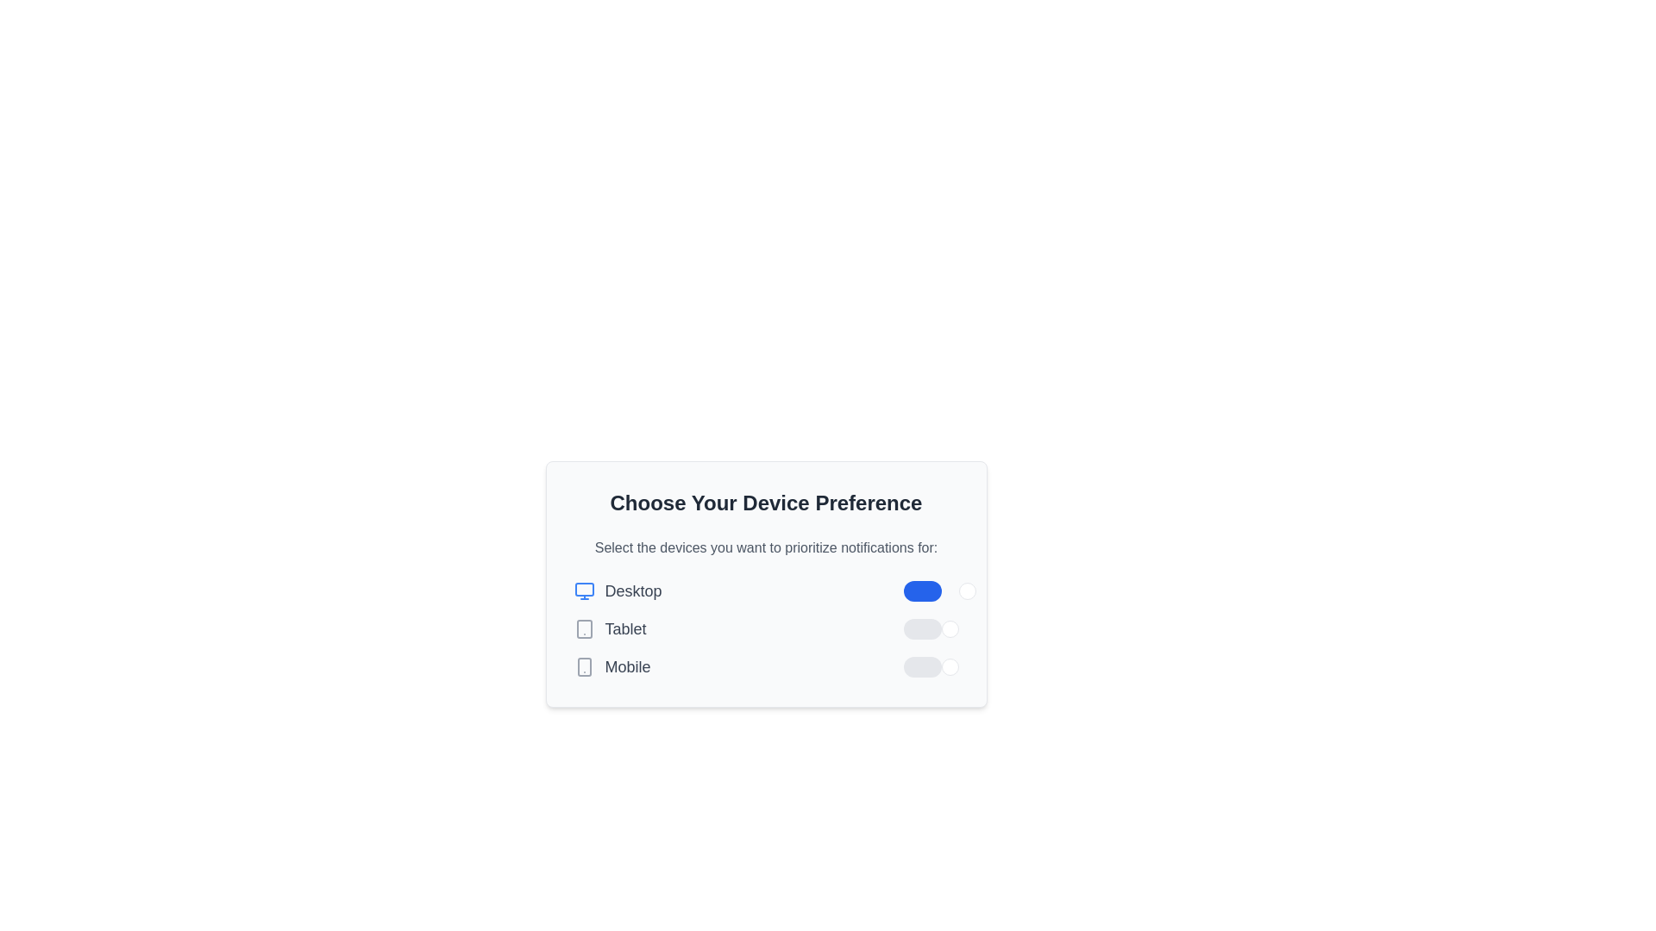 Image resolution: width=1656 pixels, height=931 pixels. I want to click on the toggle knob, so click(967, 590).